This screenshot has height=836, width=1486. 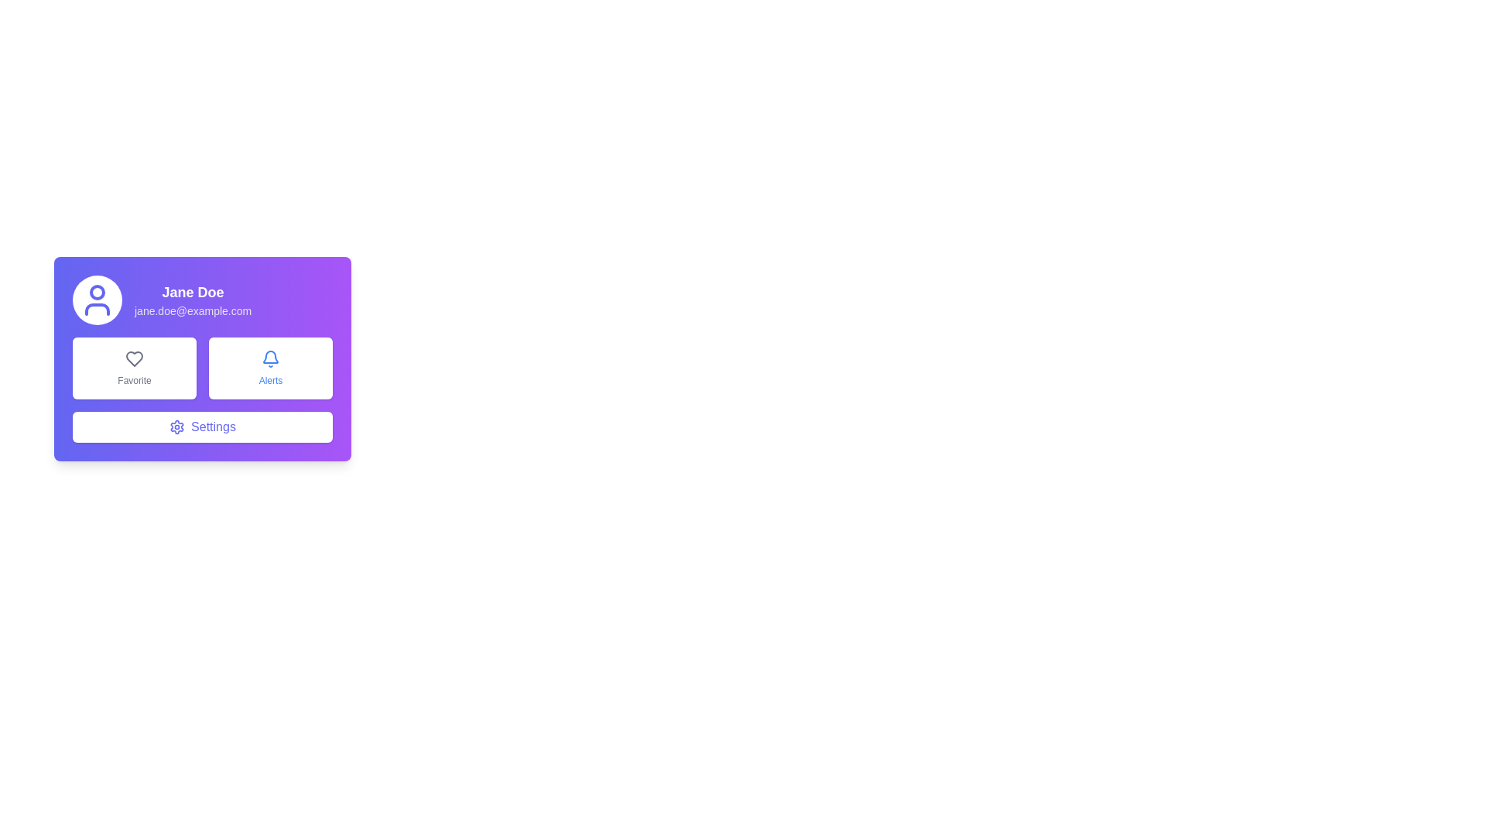 What do you see at coordinates (192, 310) in the screenshot?
I see `the text label displaying the email address 'jane.doe@example.com', which is styled with a small font and light gray color, located under the name 'Jane Doe' in a purple card-like component` at bounding box center [192, 310].